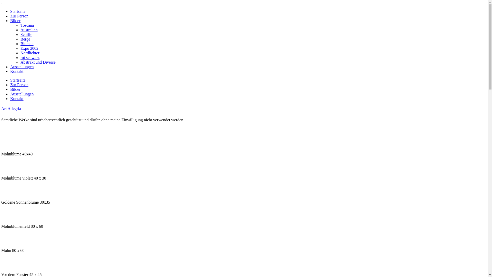 The height and width of the screenshot is (277, 492). What do you see at coordinates (18, 11) in the screenshot?
I see `'Startseite'` at bounding box center [18, 11].